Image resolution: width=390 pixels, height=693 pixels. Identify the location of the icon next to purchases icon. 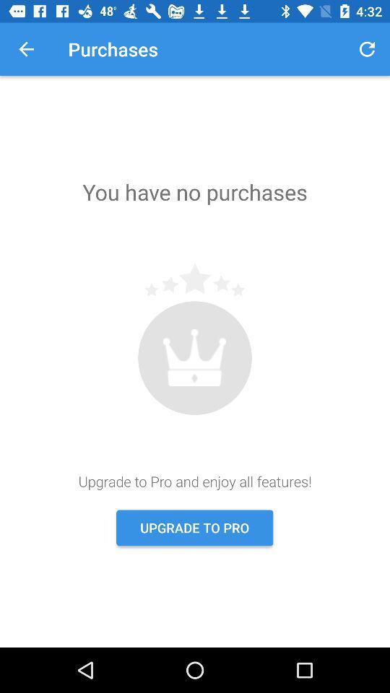
(26, 49).